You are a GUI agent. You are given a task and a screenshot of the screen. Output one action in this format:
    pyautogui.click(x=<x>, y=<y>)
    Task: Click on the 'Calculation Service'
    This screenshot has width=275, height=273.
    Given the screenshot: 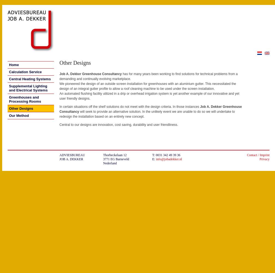 What is the action you would take?
    pyautogui.click(x=25, y=72)
    